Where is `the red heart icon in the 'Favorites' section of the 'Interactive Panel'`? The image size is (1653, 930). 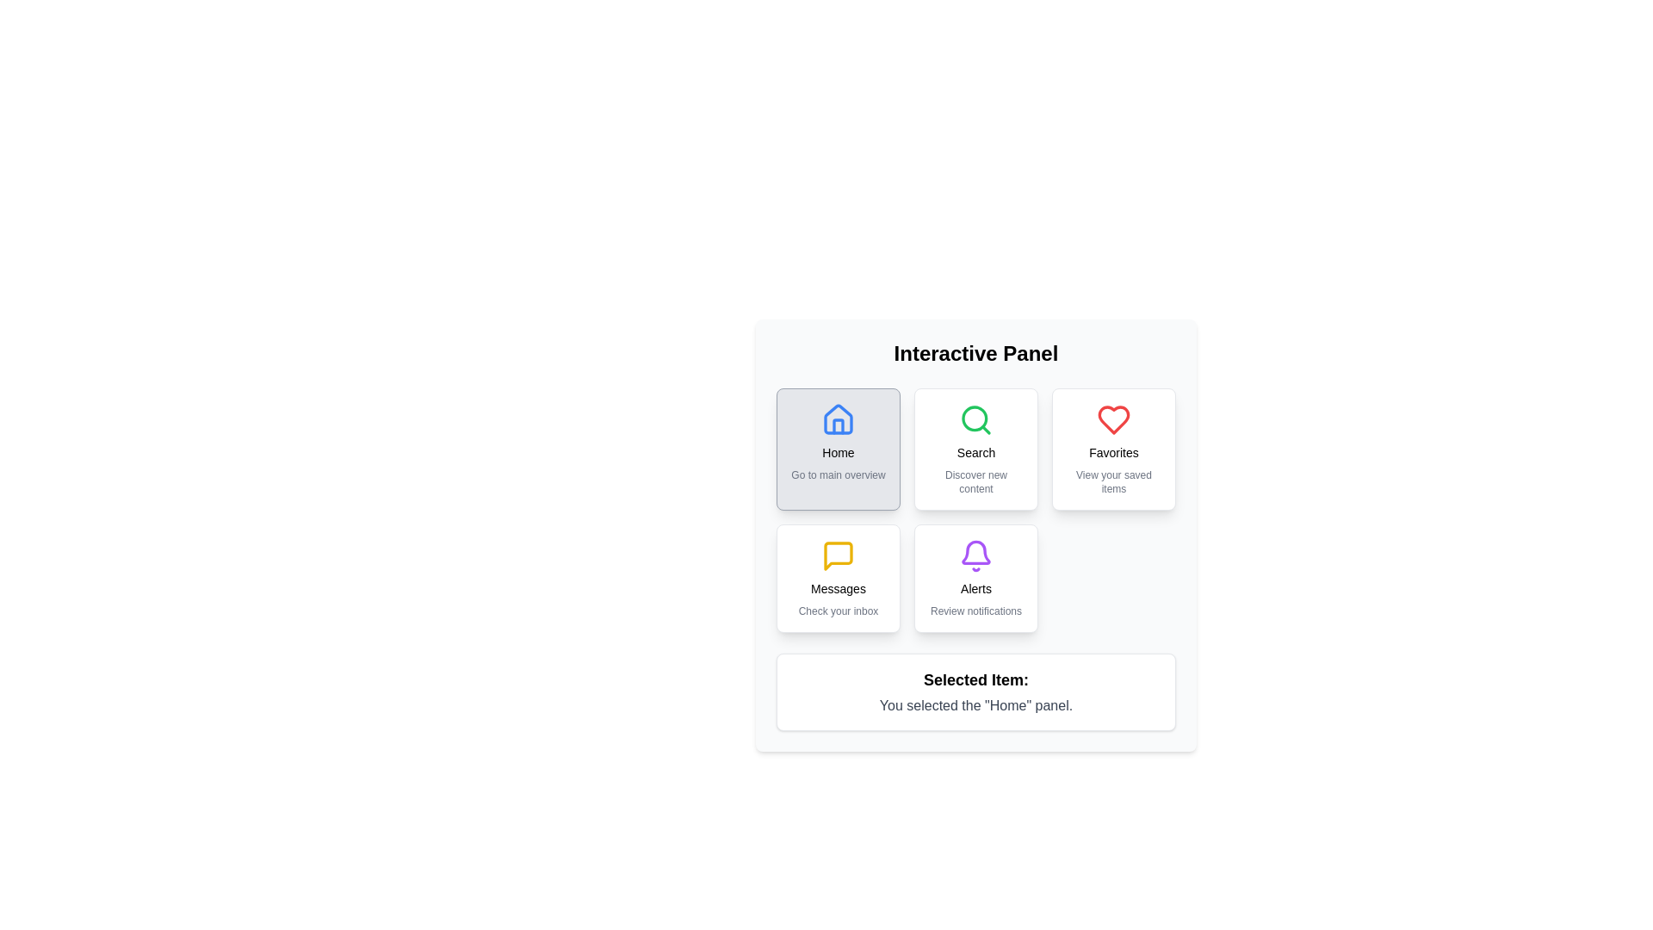 the red heart icon in the 'Favorites' section of the 'Interactive Panel' is located at coordinates (1114, 420).